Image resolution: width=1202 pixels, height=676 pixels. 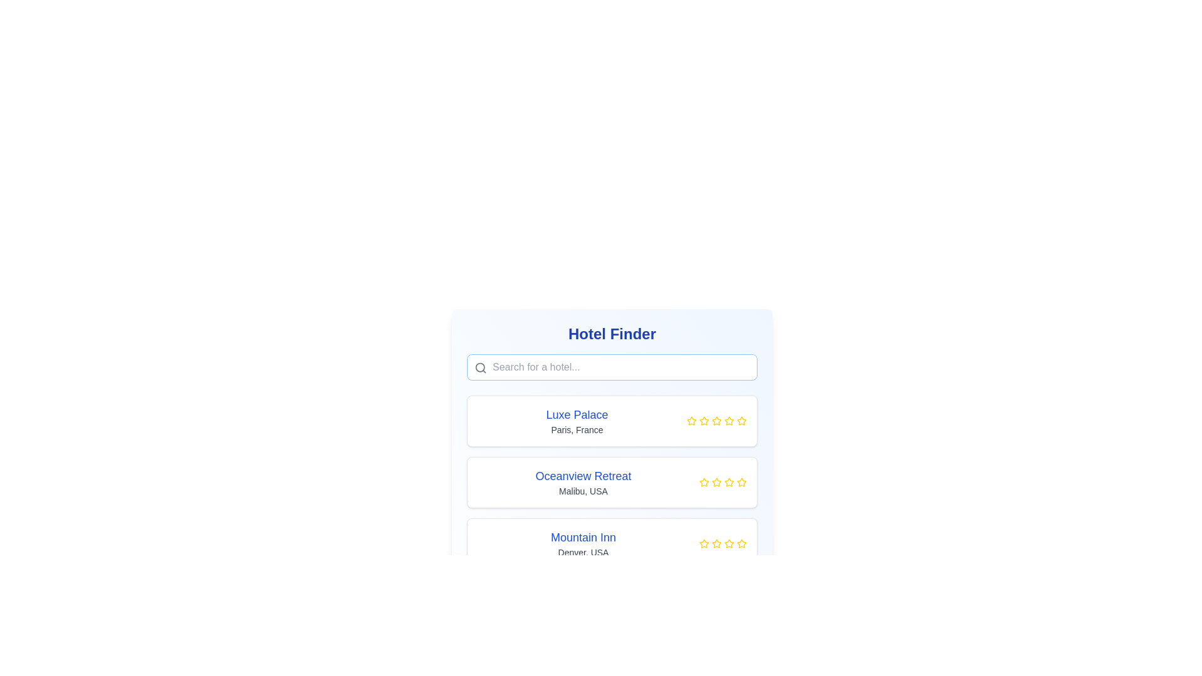 I want to click on the visual representation of the star icon used for rating in the 'Luxe Palace' hotel listing, which is the first star in a horizontal row of rating stars, so click(x=704, y=421).